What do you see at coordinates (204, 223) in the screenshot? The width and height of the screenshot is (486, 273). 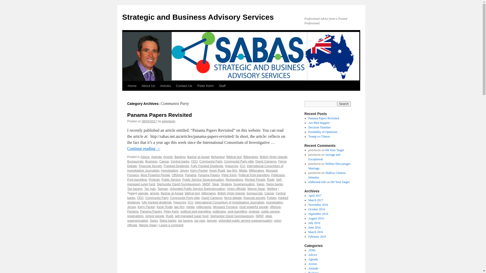 I see `'union officials'` at bounding box center [204, 223].